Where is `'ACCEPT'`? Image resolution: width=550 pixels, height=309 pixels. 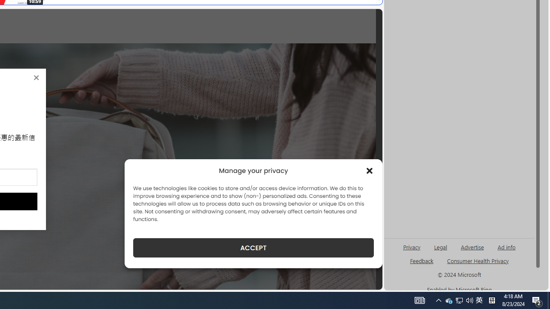 'ACCEPT' is located at coordinates (253, 248).